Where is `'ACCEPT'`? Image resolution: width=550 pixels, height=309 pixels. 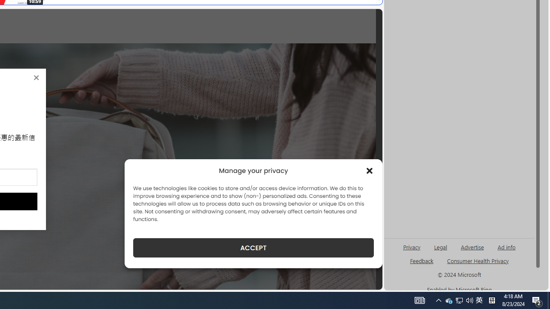 'ACCEPT' is located at coordinates (253, 248).